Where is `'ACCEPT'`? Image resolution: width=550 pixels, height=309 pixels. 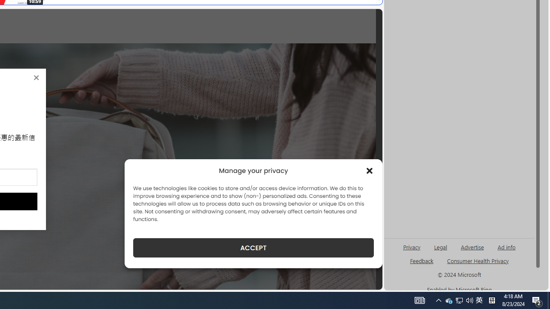 'ACCEPT' is located at coordinates (253, 248).